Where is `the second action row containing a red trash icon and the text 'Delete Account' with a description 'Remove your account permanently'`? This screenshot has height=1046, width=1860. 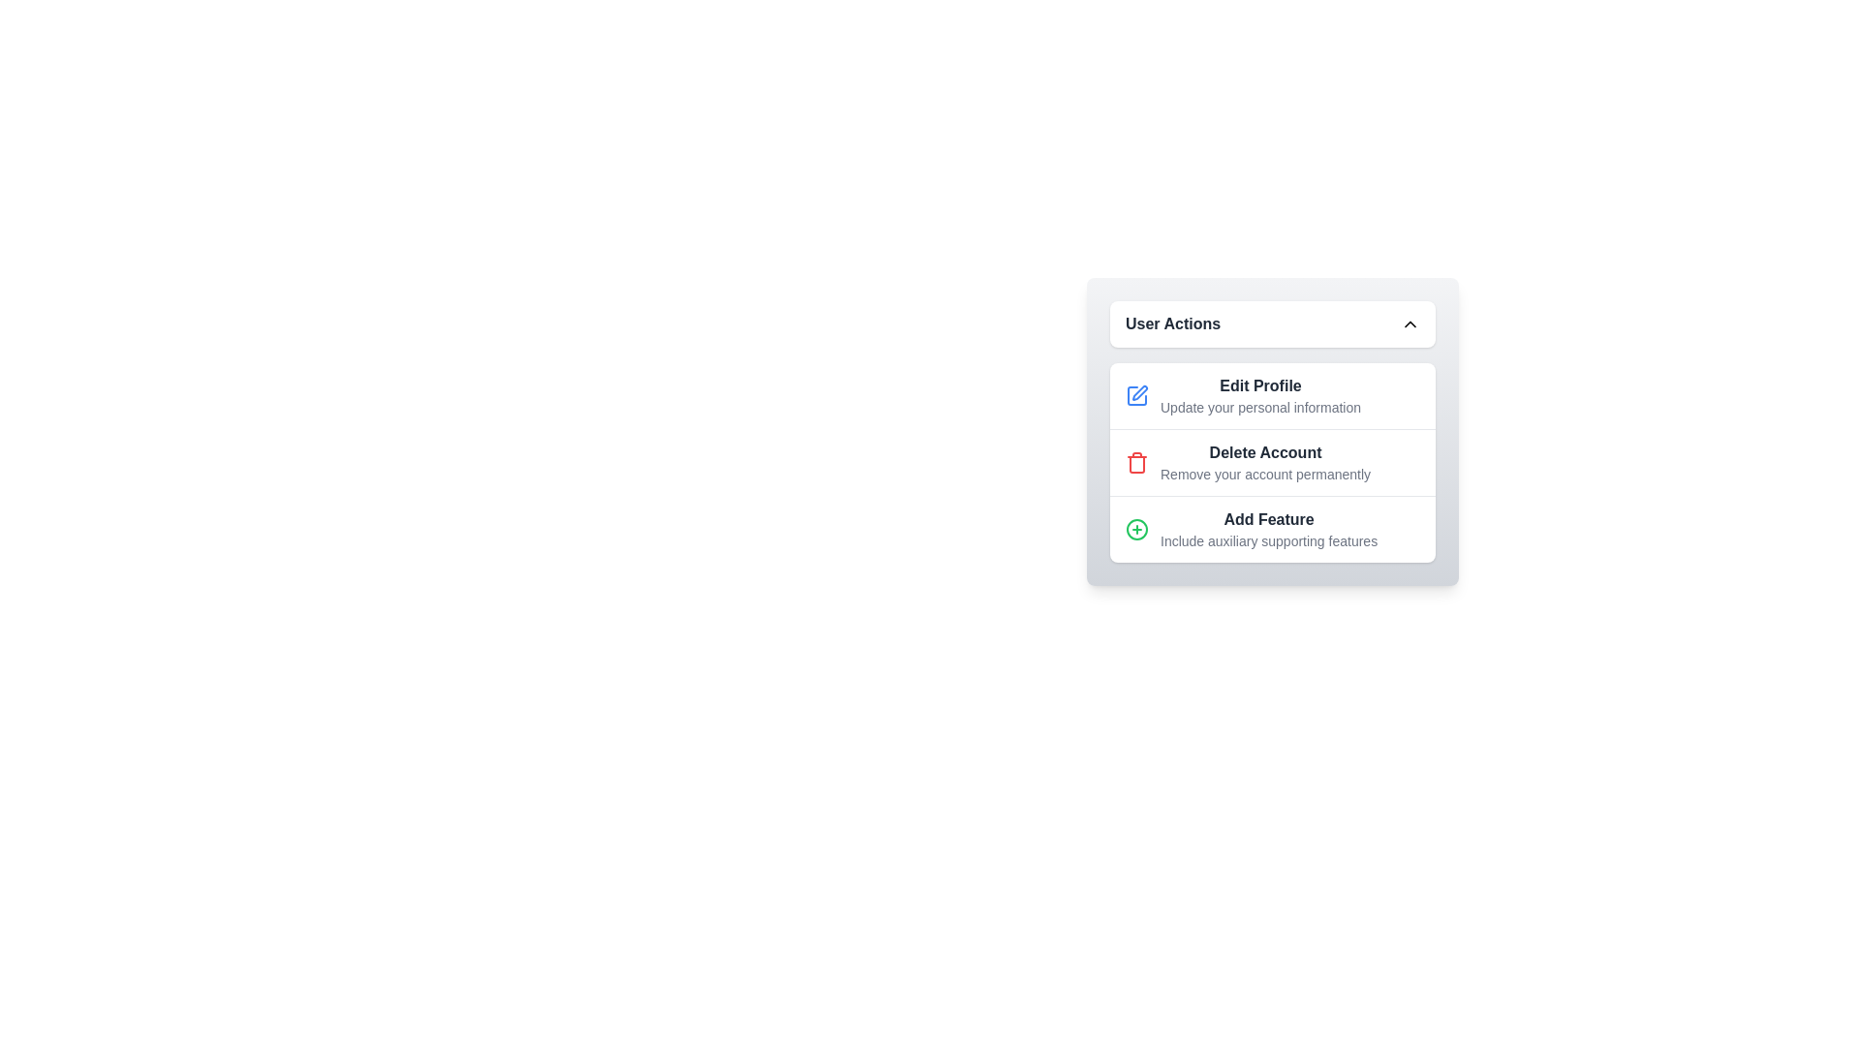
the second action row containing a red trash icon and the text 'Delete Account' with a description 'Remove your account permanently' is located at coordinates (1273, 462).